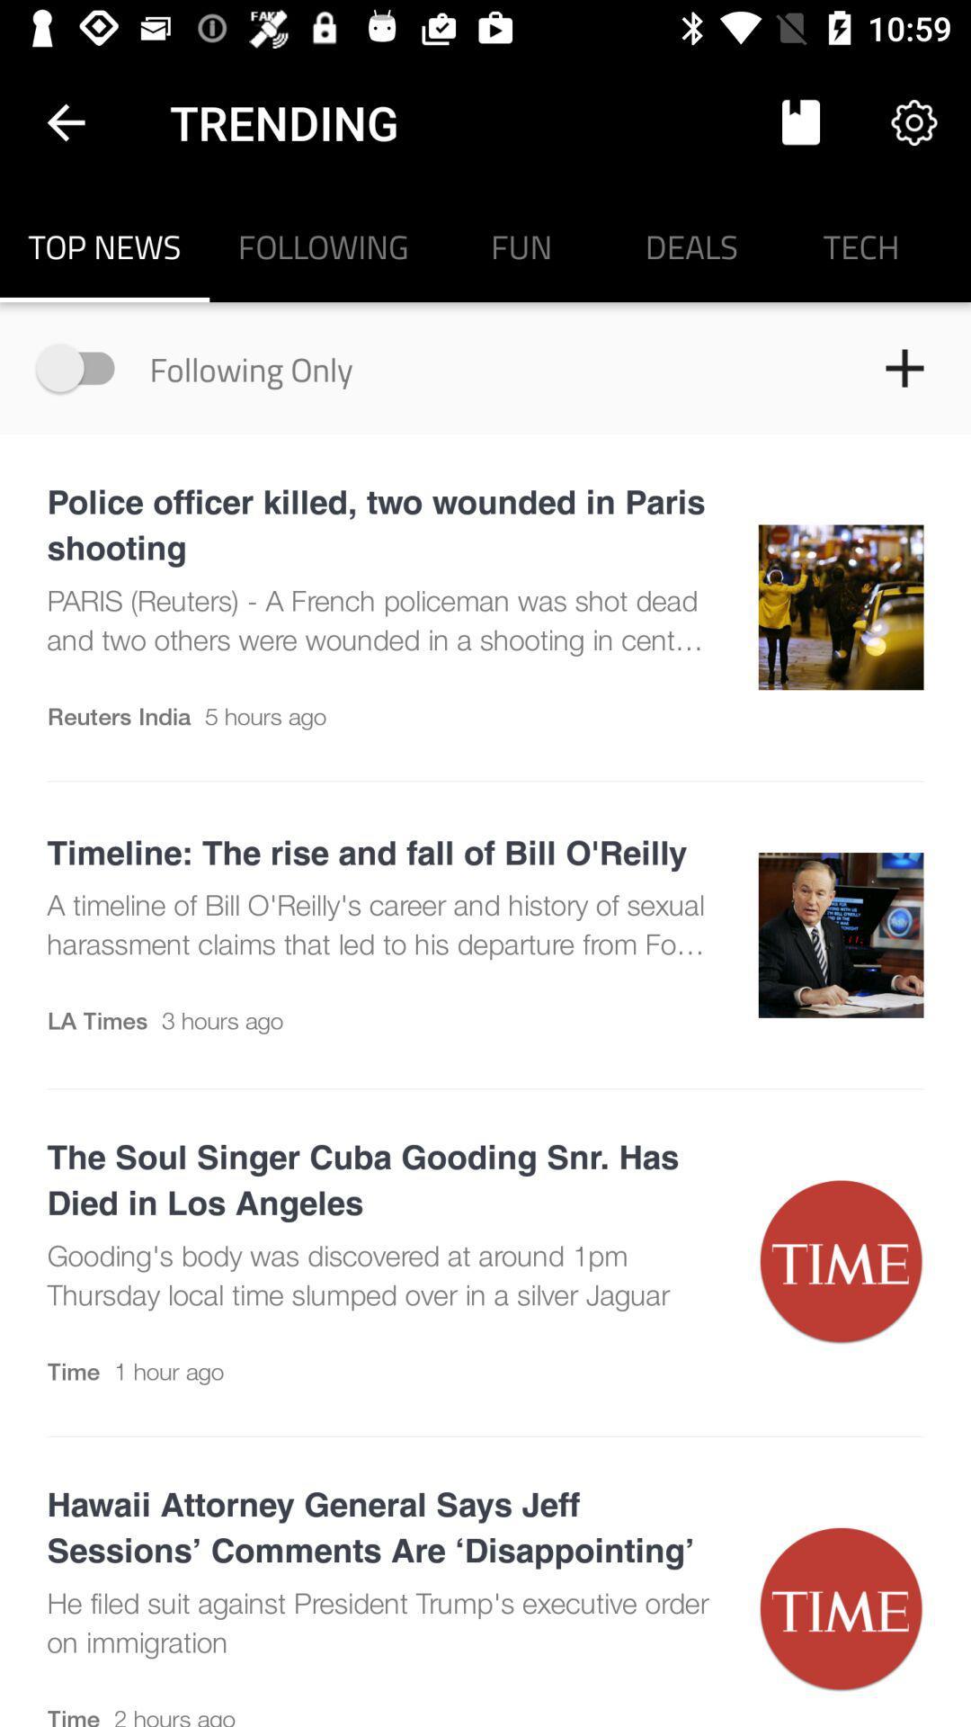  Describe the element at coordinates (84, 367) in the screenshot. I see `the item to the left of the following only item` at that location.